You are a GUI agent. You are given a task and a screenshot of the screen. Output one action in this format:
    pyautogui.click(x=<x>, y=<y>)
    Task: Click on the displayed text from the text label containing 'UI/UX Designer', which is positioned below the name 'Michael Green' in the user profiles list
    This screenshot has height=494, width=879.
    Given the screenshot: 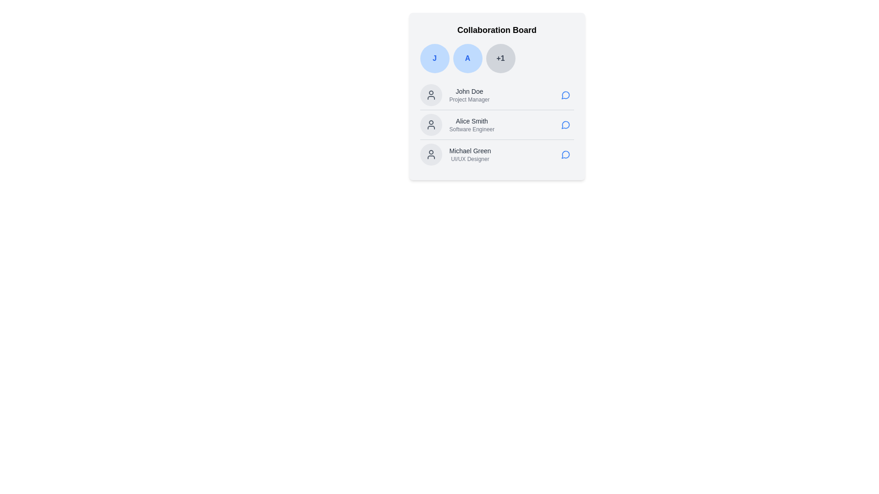 What is the action you would take?
    pyautogui.click(x=470, y=158)
    